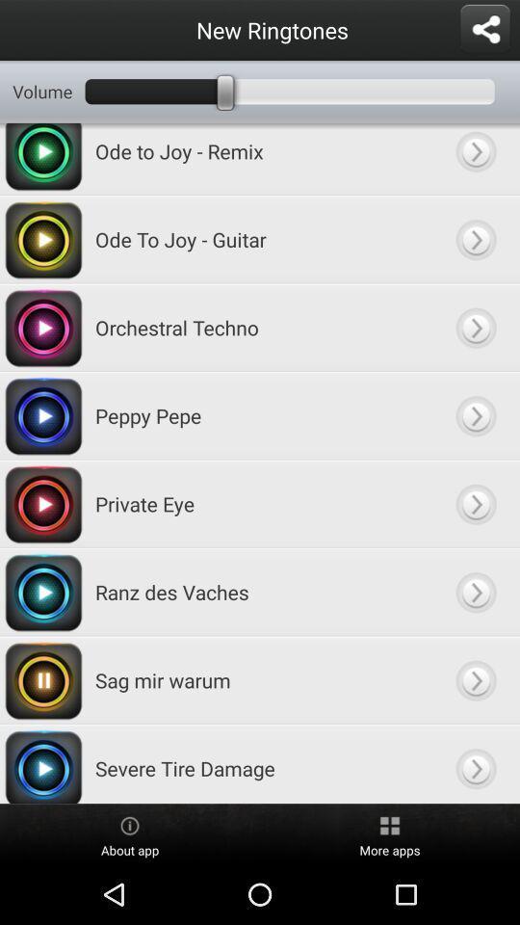 This screenshot has height=925, width=520. Describe the element at coordinates (475, 680) in the screenshot. I see `go option` at that location.